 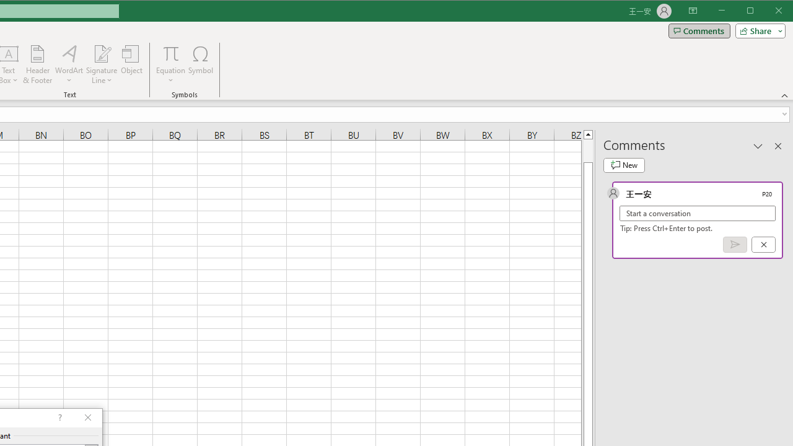 I want to click on 'WordArt', so click(x=69, y=64).